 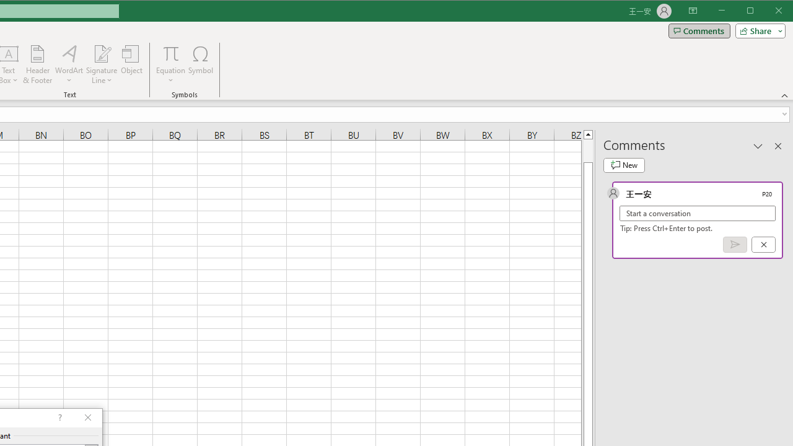 I want to click on 'WordArt', so click(x=69, y=64).